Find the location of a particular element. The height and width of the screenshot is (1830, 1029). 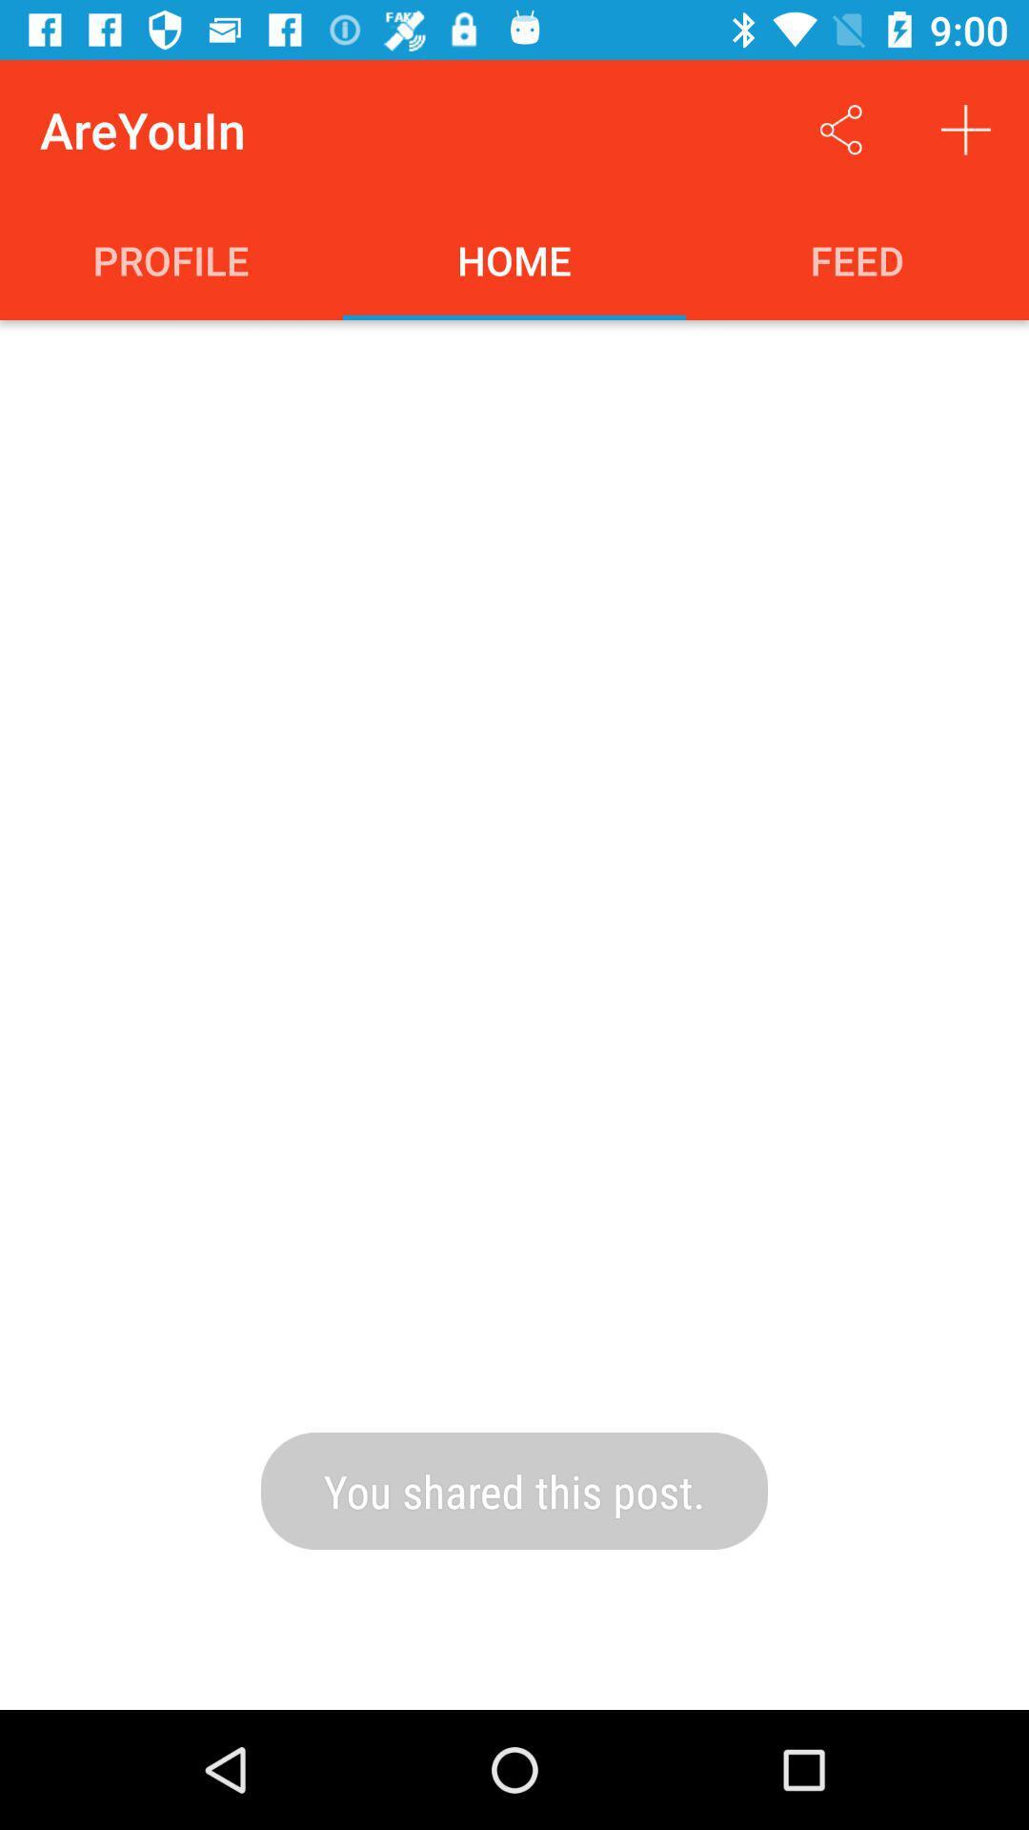

new post is located at coordinates (966, 129).